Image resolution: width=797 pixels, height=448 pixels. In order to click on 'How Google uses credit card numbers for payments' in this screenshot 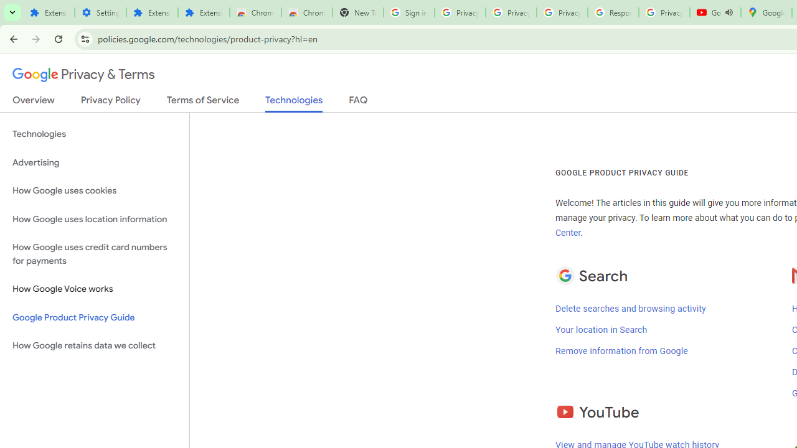, I will do `click(94, 253)`.